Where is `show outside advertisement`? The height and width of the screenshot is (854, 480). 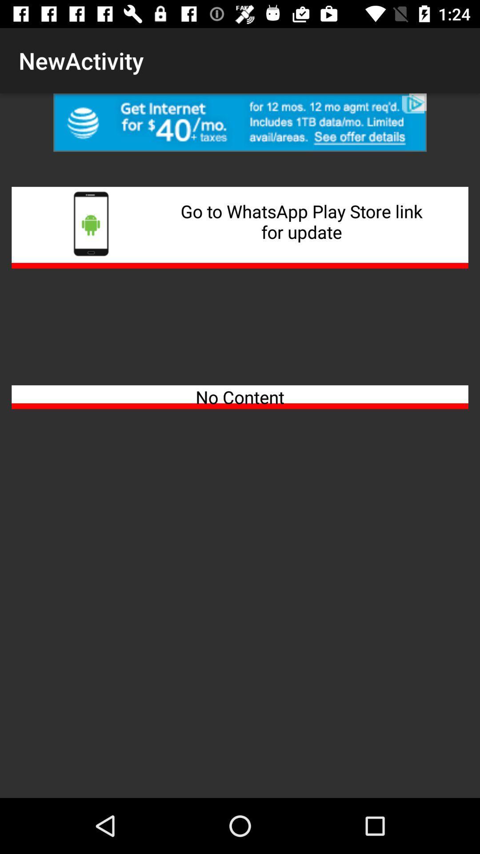 show outside advertisement is located at coordinates (240, 122).